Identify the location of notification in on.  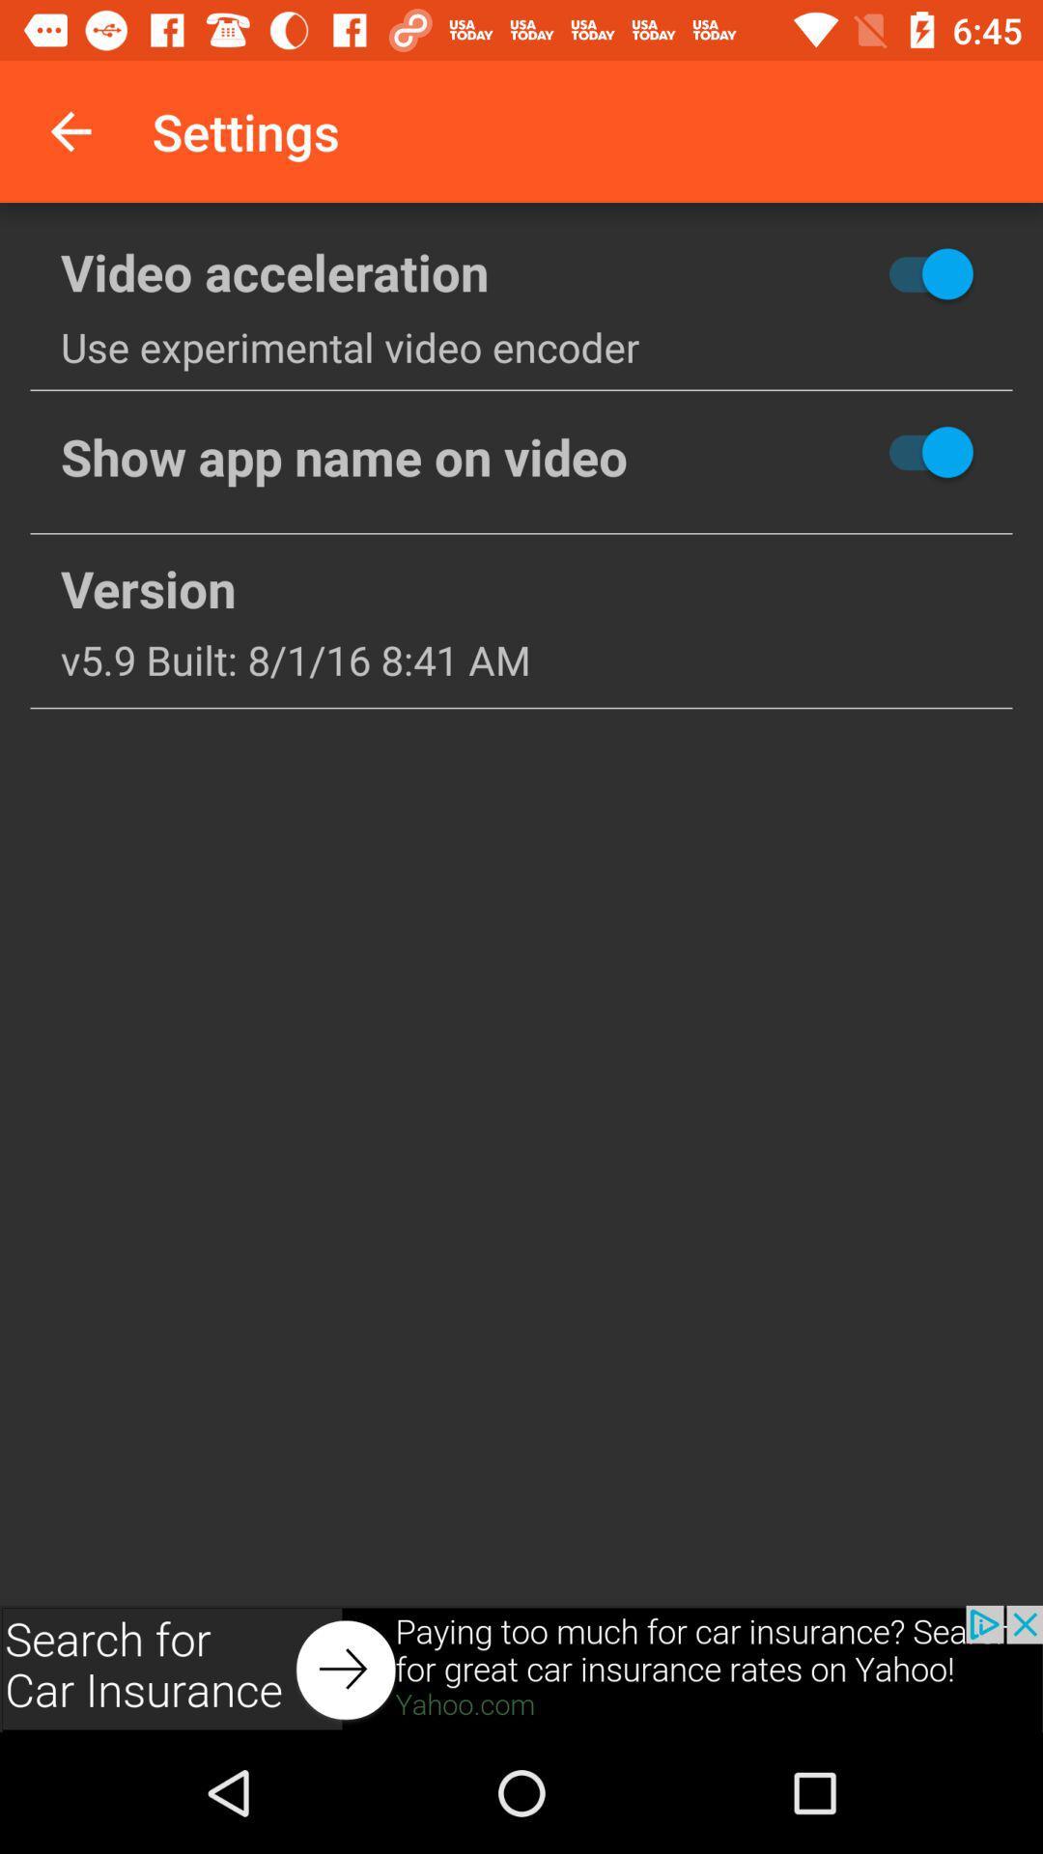
(860, 451).